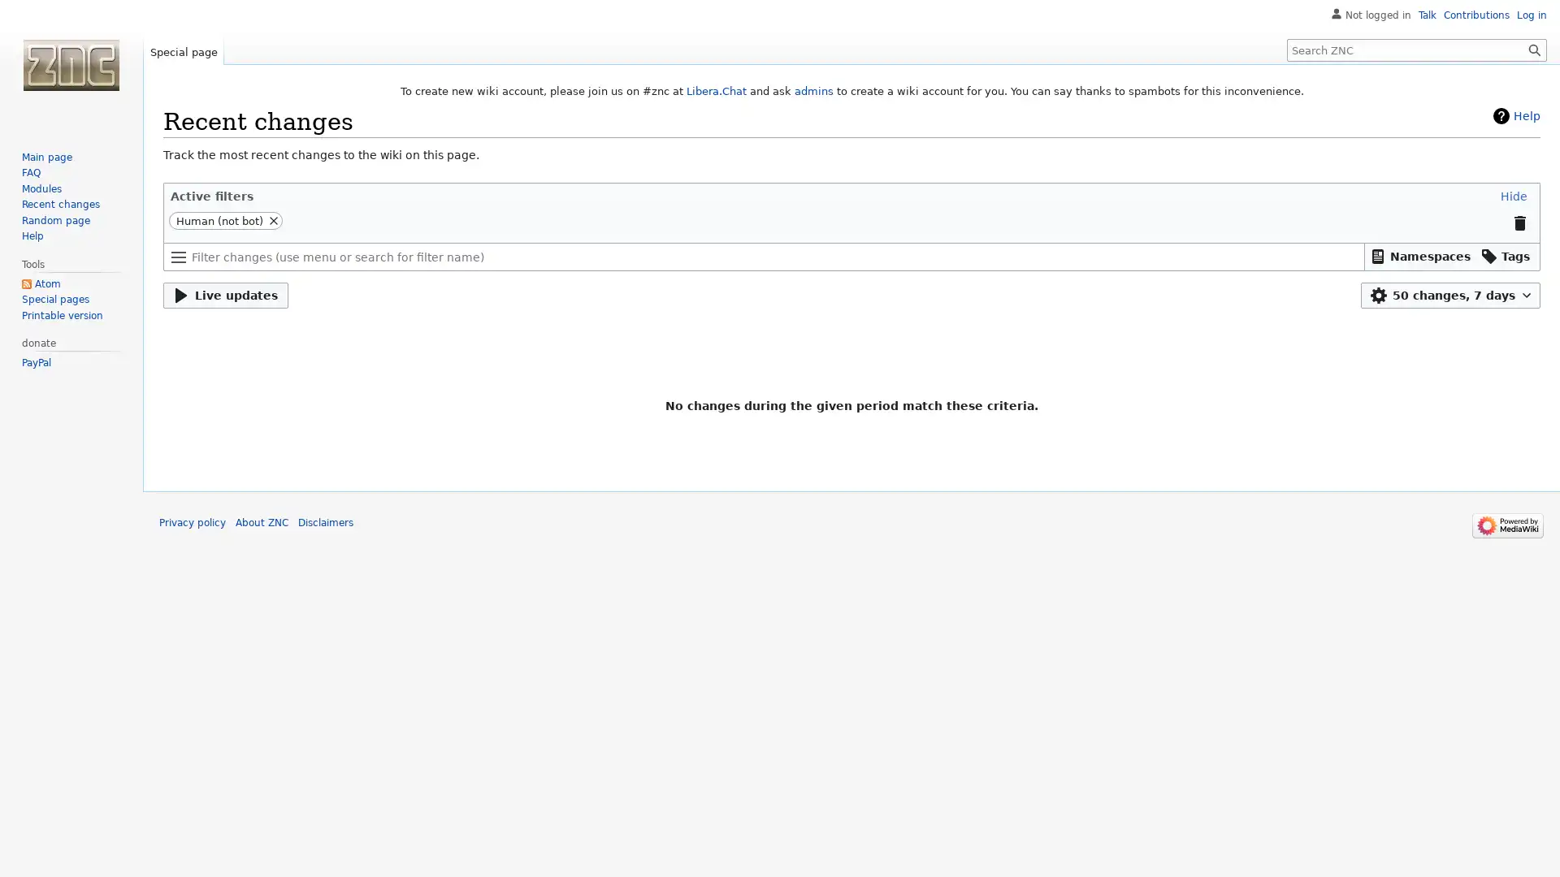  Describe the element at coordinates (1519, 222) in the screenshot. I see `Clear all filters` at that location.